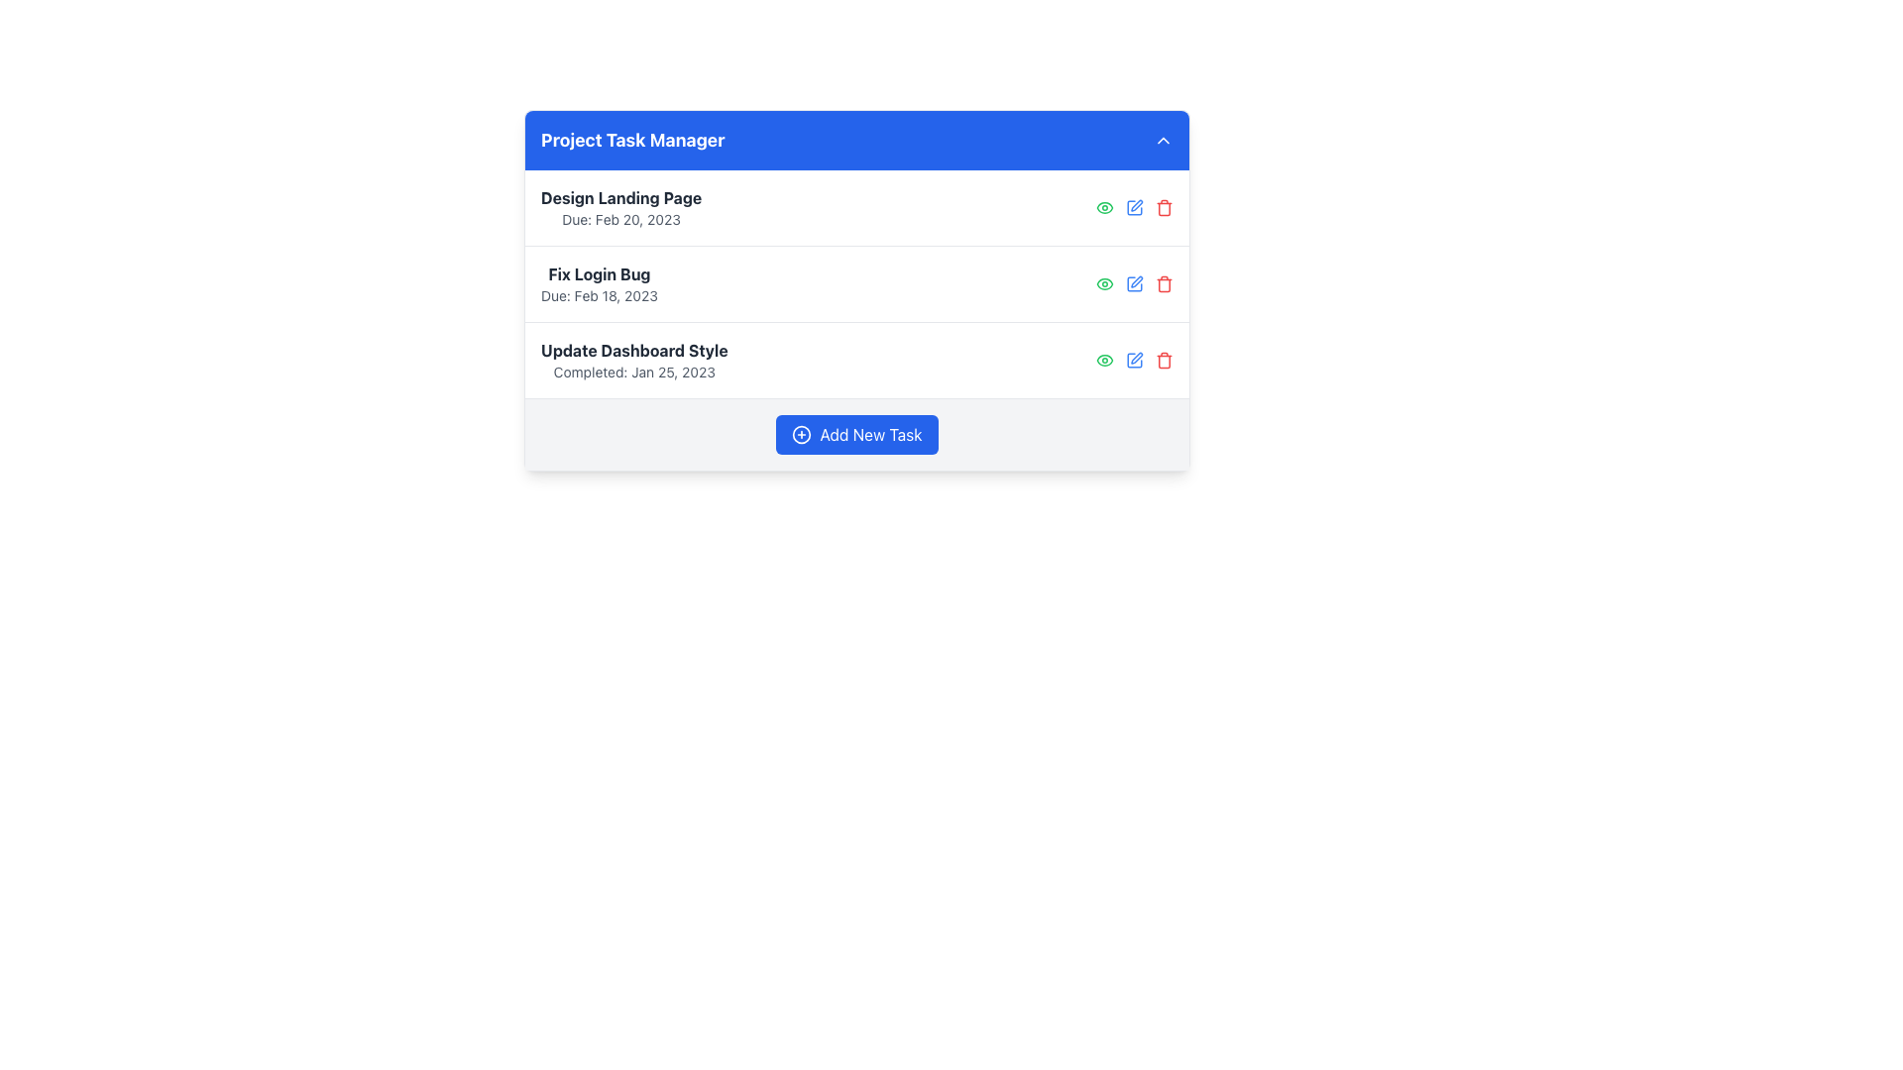 The width and height of the screenshot is (1903, 1070). What do you see at coordinates (631, 140) in the screenshot?
I see `title label 'Project Task Manager' located centrally in the blue header section of the card, above the list of task items` at bounding box center [631, 140].